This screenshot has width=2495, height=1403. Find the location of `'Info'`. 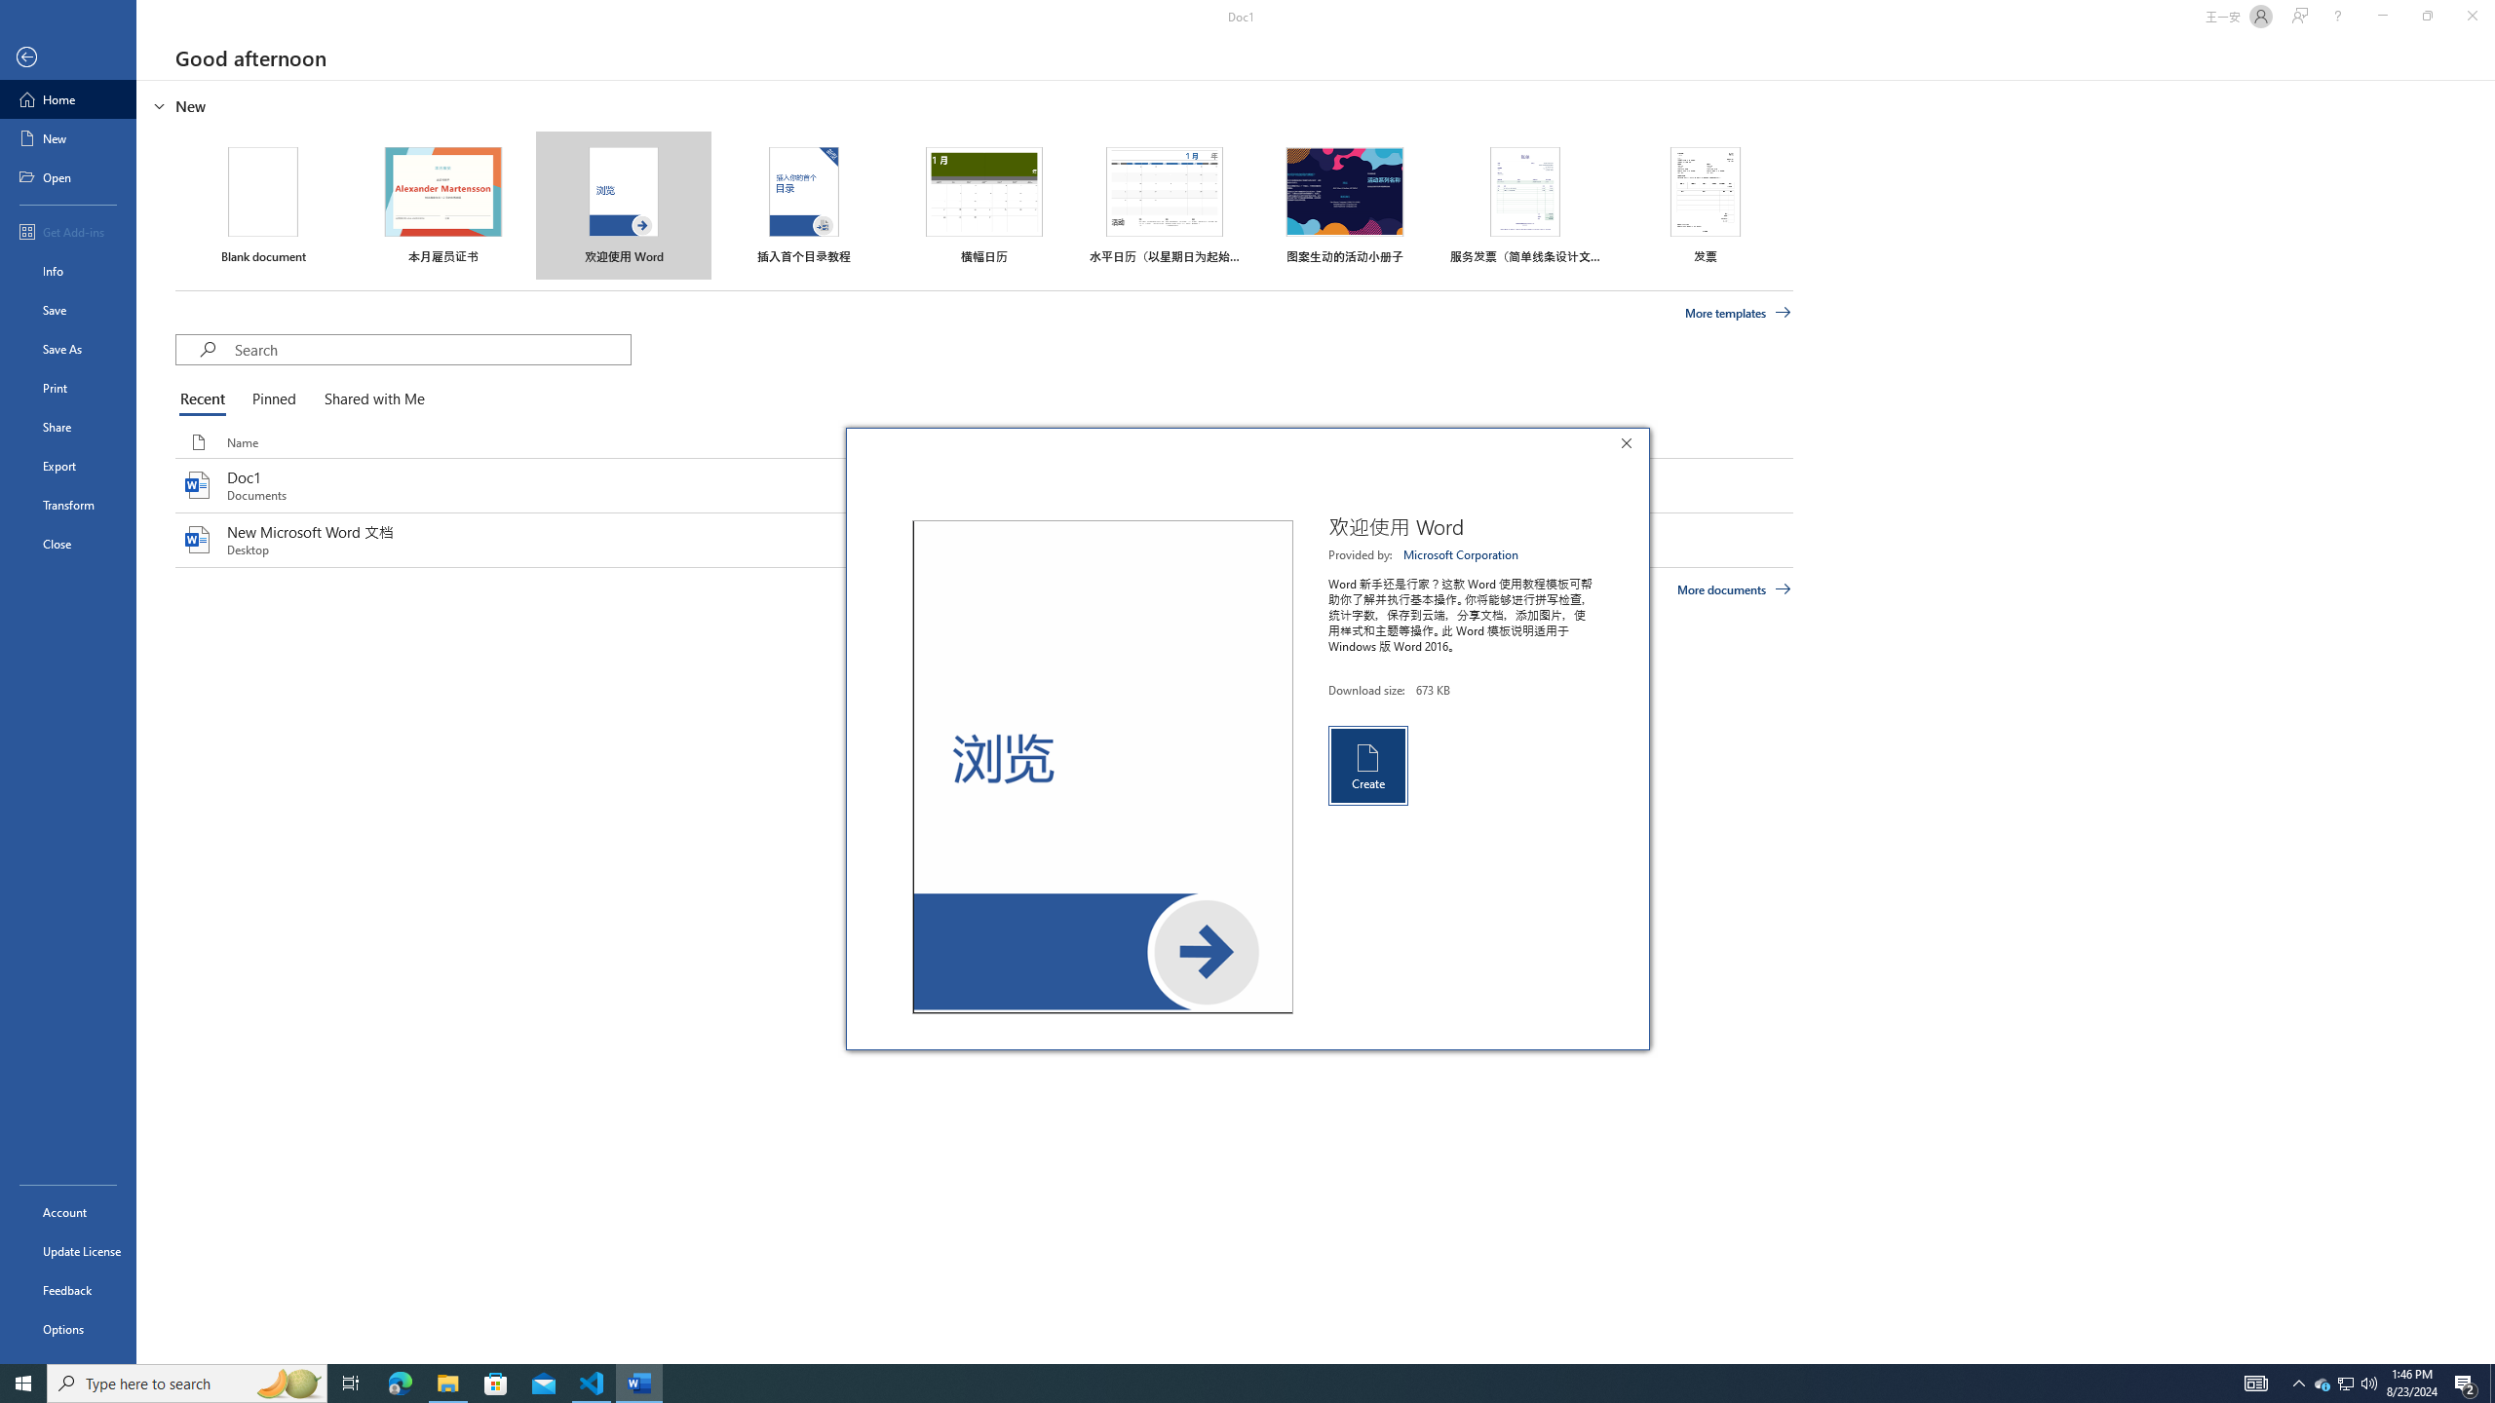

'Info' is located at coordinates (67, 269).